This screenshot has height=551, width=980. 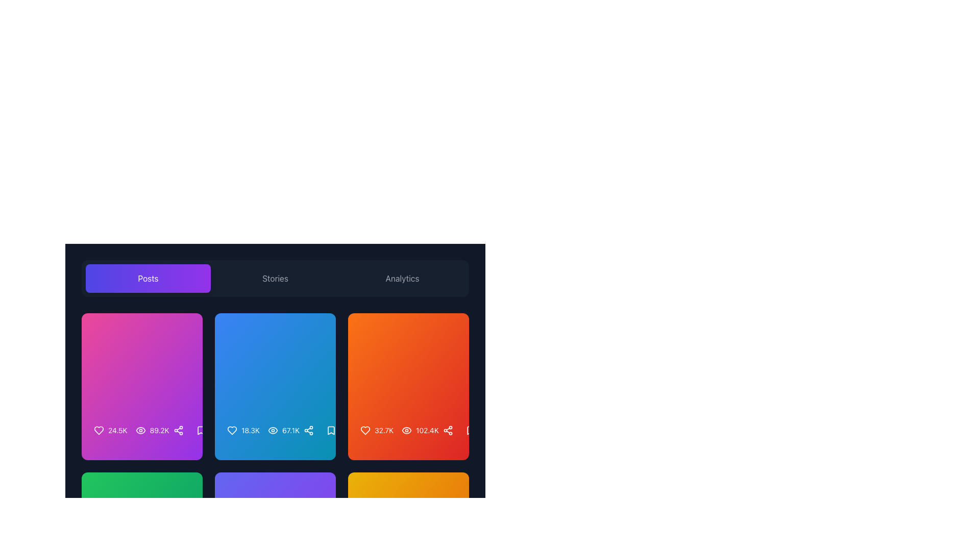 What do you see at coordinates (140, 431) in the screenshot?
I see `the visibility icon located in the bottom right corner of the first card in the first row, which signifies the visibility state and may allow users to toggle visibility` at bounding box center [140, 431].